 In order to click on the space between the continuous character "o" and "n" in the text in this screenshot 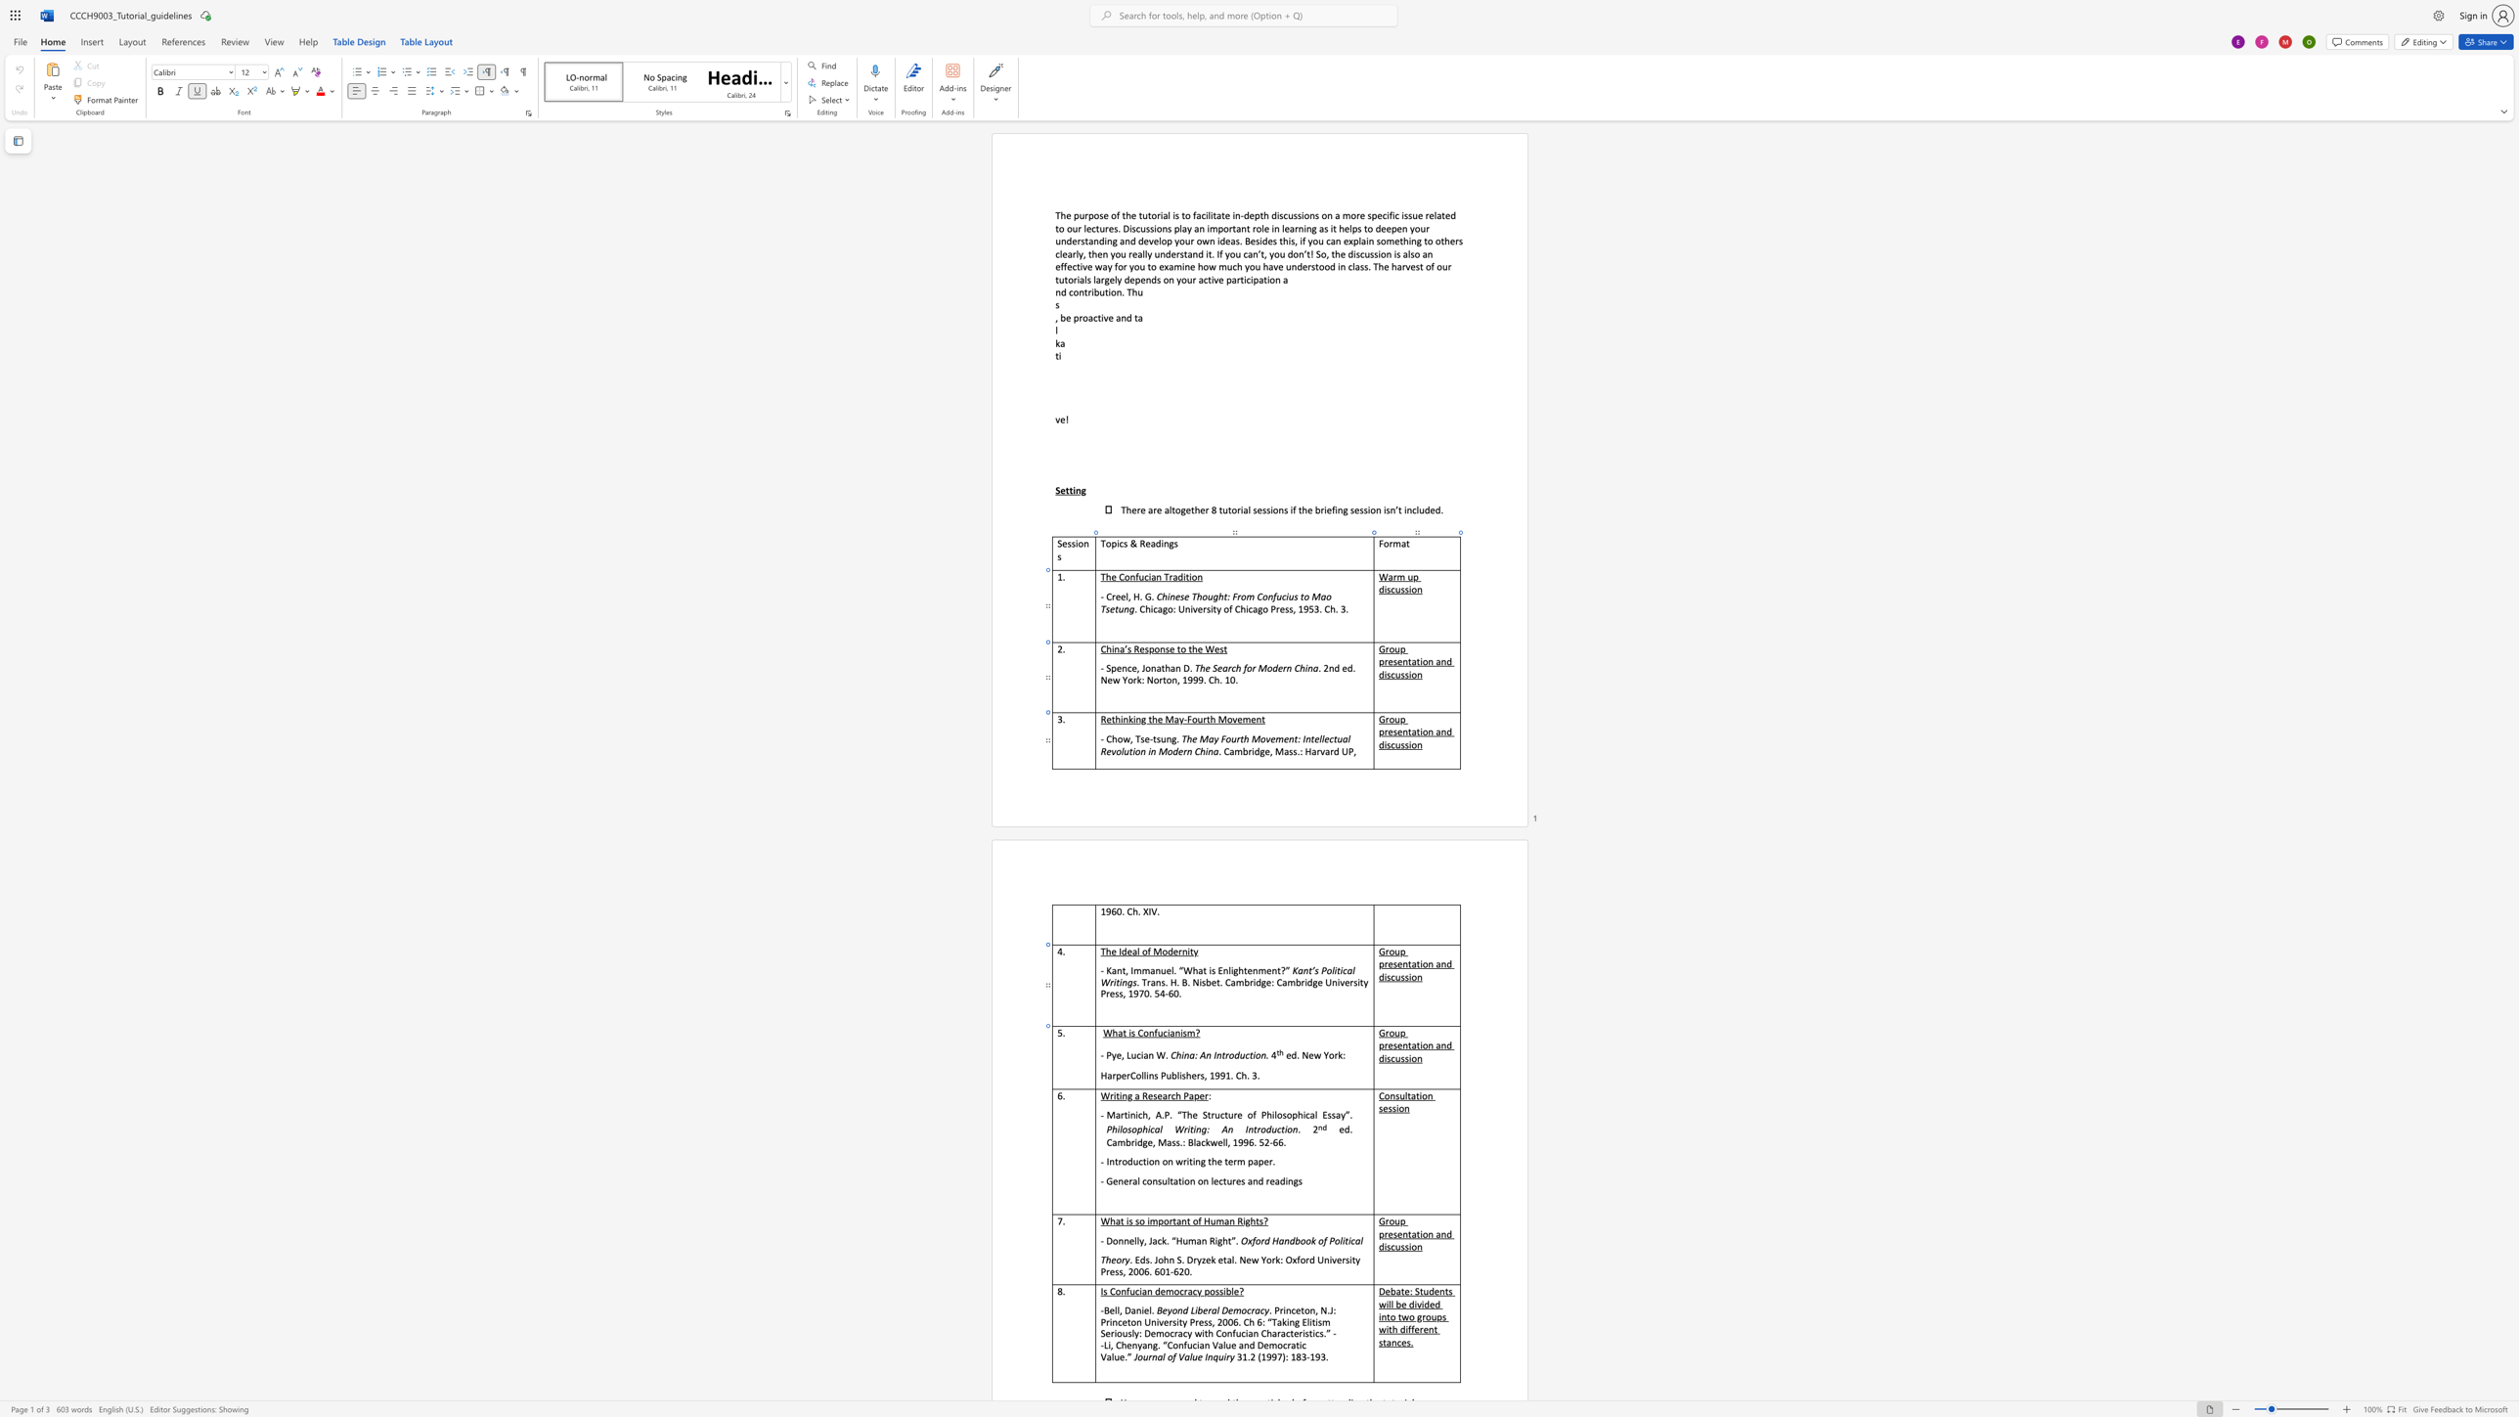, I will do `click(1147, 1032)`.